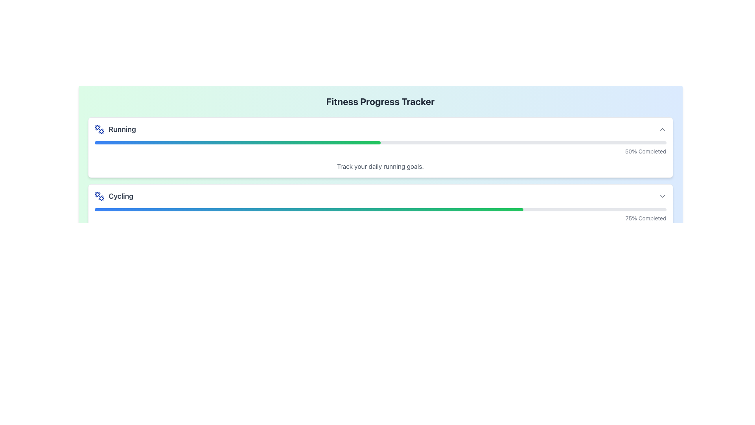 The width and height of the screenshot is (755, 425). I want to click on completion percentage from the second progress bar segment under the 'Cycling' section, which is a narrow, rectangular segment with a gradient color from blue to green, so click(308, 209).